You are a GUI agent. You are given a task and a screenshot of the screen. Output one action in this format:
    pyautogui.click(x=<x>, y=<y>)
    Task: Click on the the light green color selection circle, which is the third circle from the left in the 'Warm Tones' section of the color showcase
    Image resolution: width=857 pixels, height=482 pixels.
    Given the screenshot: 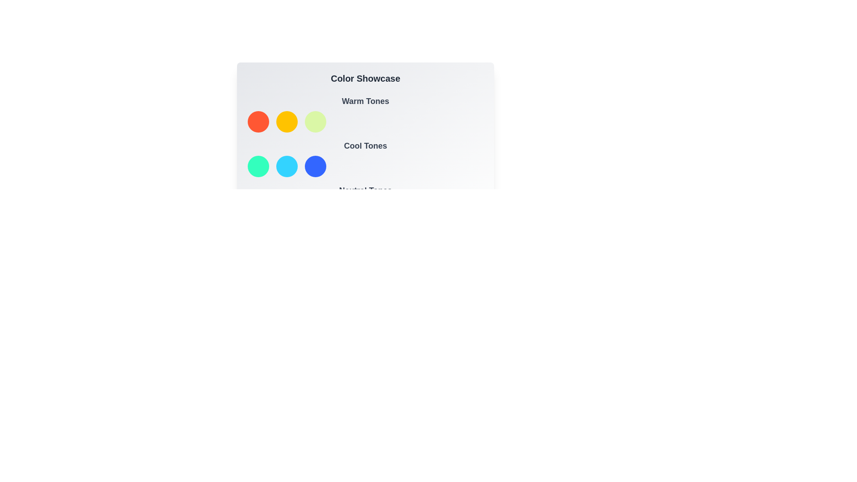 What is the action you would take?
    pyautogui.click(x=315, y=122)
    